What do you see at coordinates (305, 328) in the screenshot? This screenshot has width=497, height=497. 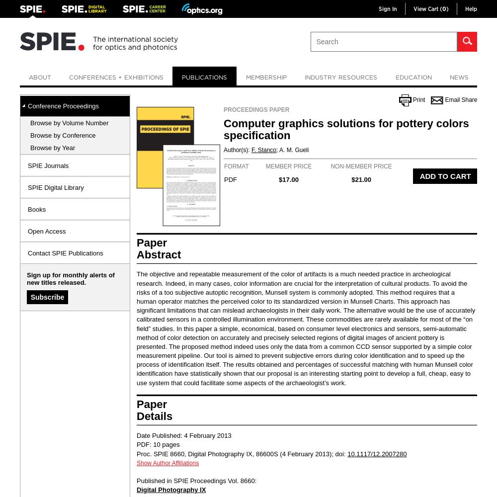 I see `'The objective and repeatable measurement of the color of artifacts is a much needed practice in archeological research.
Indeed, in many cases, color information are crucial for the interpretation of cultural products. To avoid the risks of a too
subjective autoptic recognition, Munsell system is commonly adopted. This method requires that a human operator
matches the perceived color to its standardized version in Munsell Charts. This approach has significant limitations that
can mislead archaeologists in their daily work. The alternative would be the use of accurately calibrated sensors in a
controlled illumination environment. These commodities are rarely available for most of the “on field” studies. In this
paper a simple, economical, based on consumer level electronics and sensors, semi-automatic method of color detection
on accurately and precisely selected regions of digital images of ancient pottery is presented. The proposed method
indeed uses only the data from a common CCD sensor supported by a simple color measurement pipeline. Our tool is
aimed to prevent subjective errors during color identification and to speed up the process of identification itself. The
results obtained and percentages of successful matching with human Munsell color identification have statistically shown
that our proposal is an interesting starting point to develop a full, cheap, easy to use system that could facilitate some
aspects of the archaeologist’s work.'` at bounding box center [305, 328].